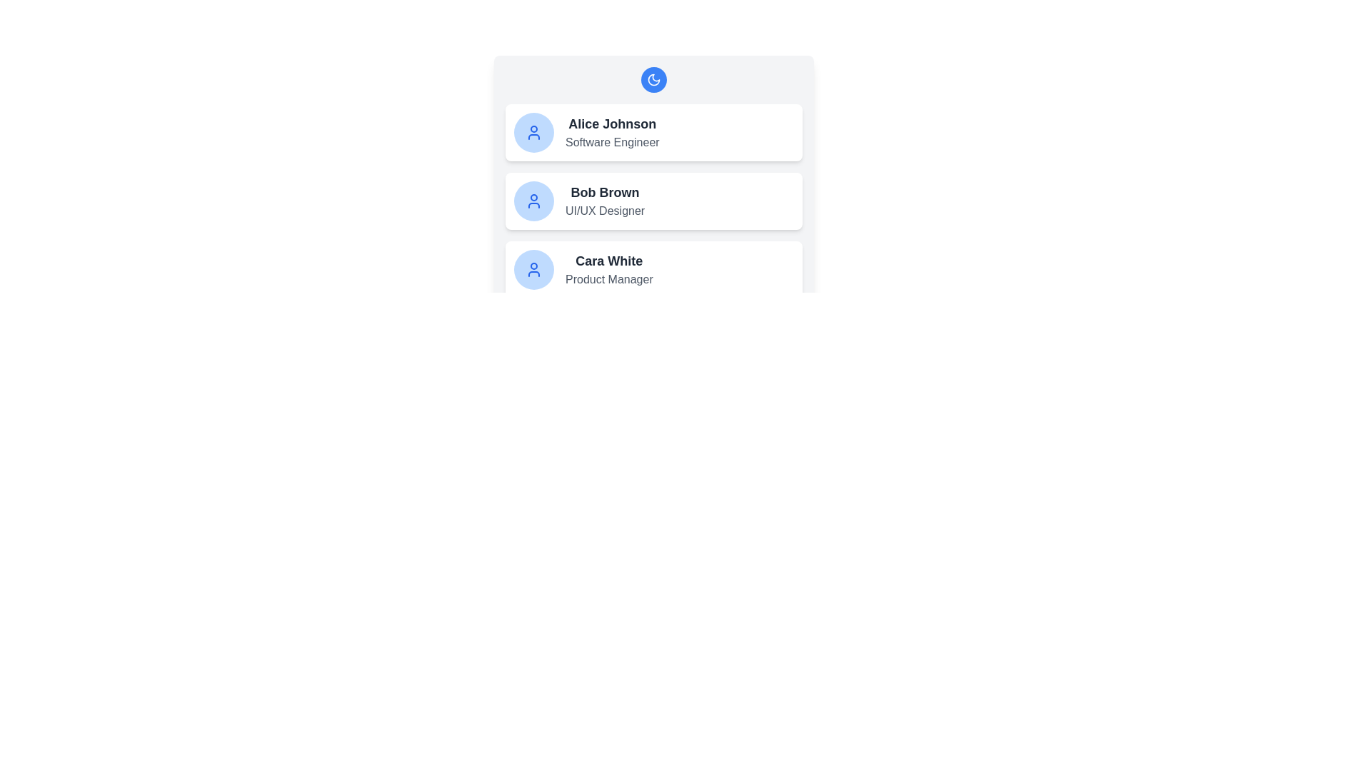 This screenshot has width=1371, height=771. I want to click on the card containing 'Bob Brown', which is the second card in the list, so click(653, 201).